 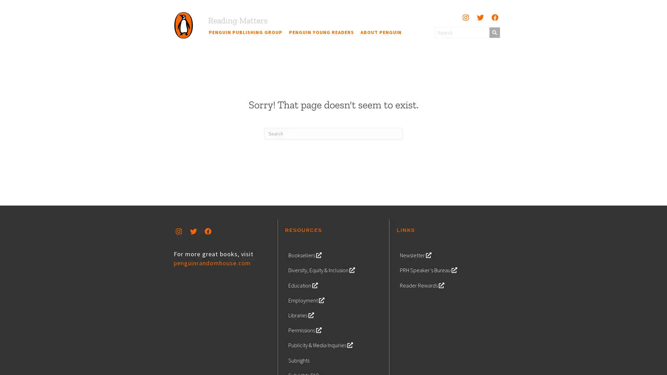 I want to click on Facebook, so click(x=494, y=17).